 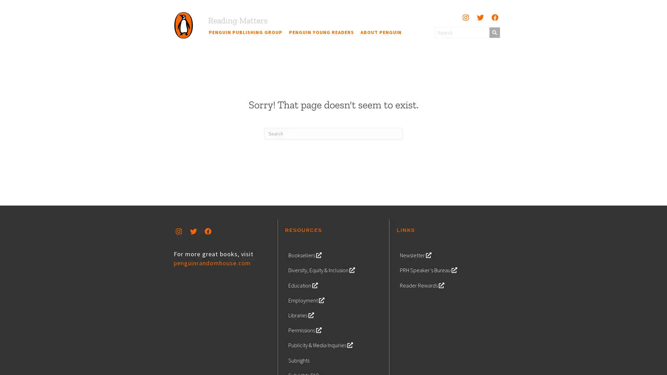 I want to click on Facebook, so click(x=494, y=17).